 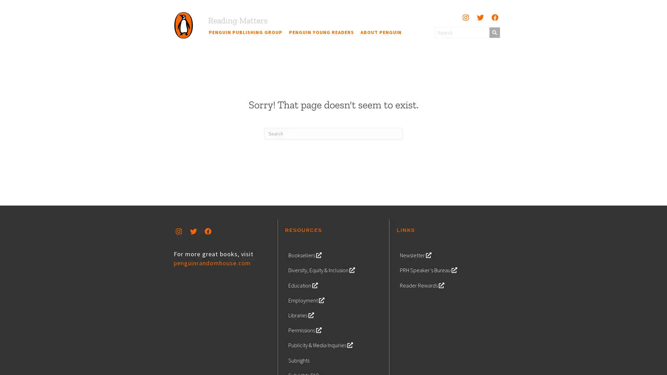 I want to click on Facebook, so click(x=494, y=17).